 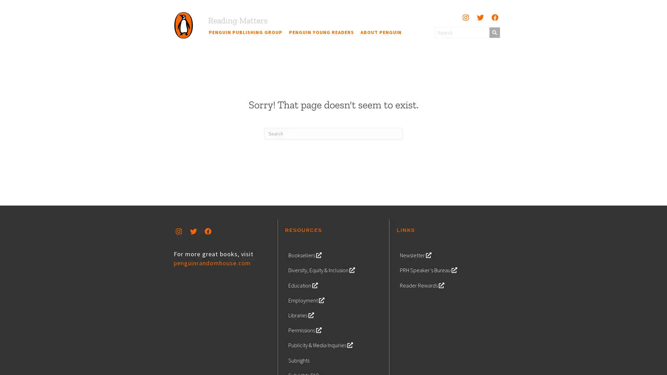 I want to click on Facebook, so click(x=494, y=17).